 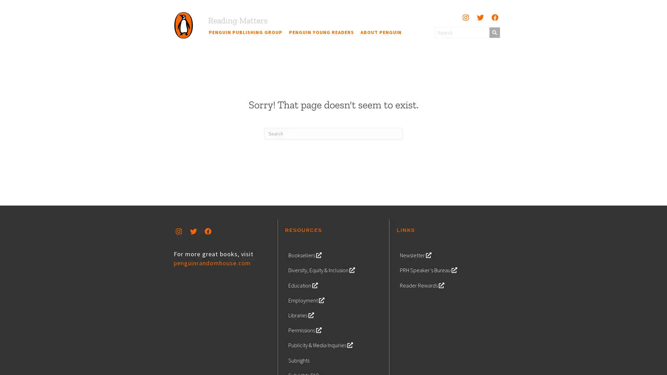 I want to click on Facebook, so click(x=494, y=17).